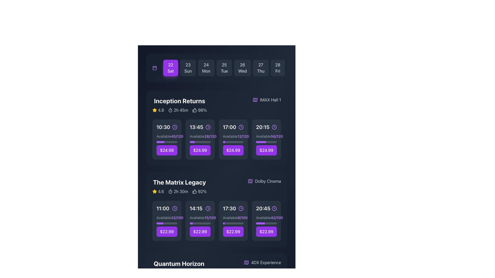  I want to click on the informational label indicating the duration of the related item in the sequence below 'Inception Returns', which is positioned between the star rating and the percentage indicator, so click(178, 110).